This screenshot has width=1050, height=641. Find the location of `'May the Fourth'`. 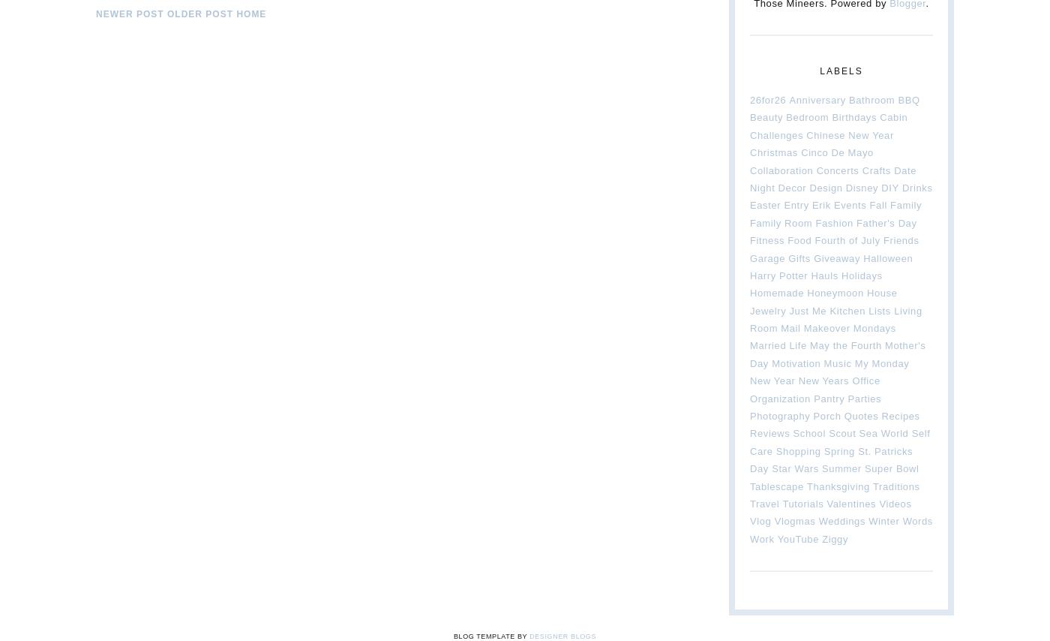

'May the Fourth' is located at coordinates (845, 345).